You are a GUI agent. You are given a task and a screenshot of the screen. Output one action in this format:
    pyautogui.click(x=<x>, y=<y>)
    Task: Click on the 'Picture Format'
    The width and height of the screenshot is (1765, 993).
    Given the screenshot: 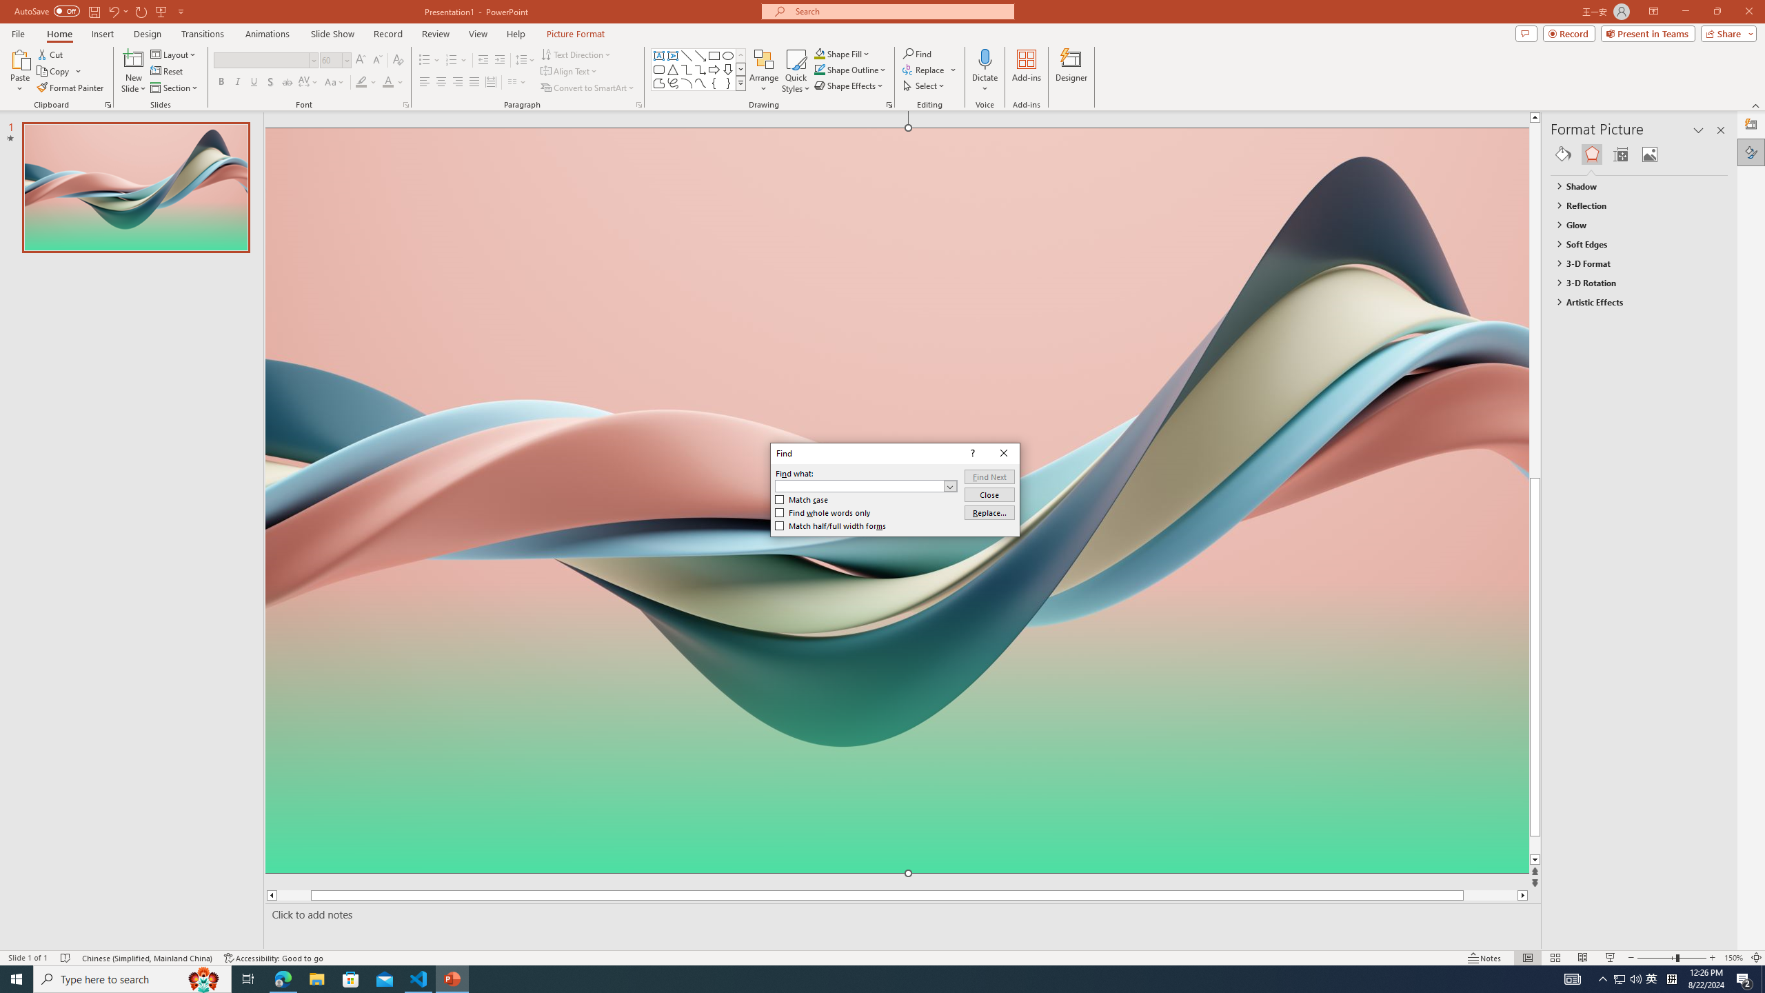 What is the action you would take?
    pyautogui.click(x=576, y=34)
    